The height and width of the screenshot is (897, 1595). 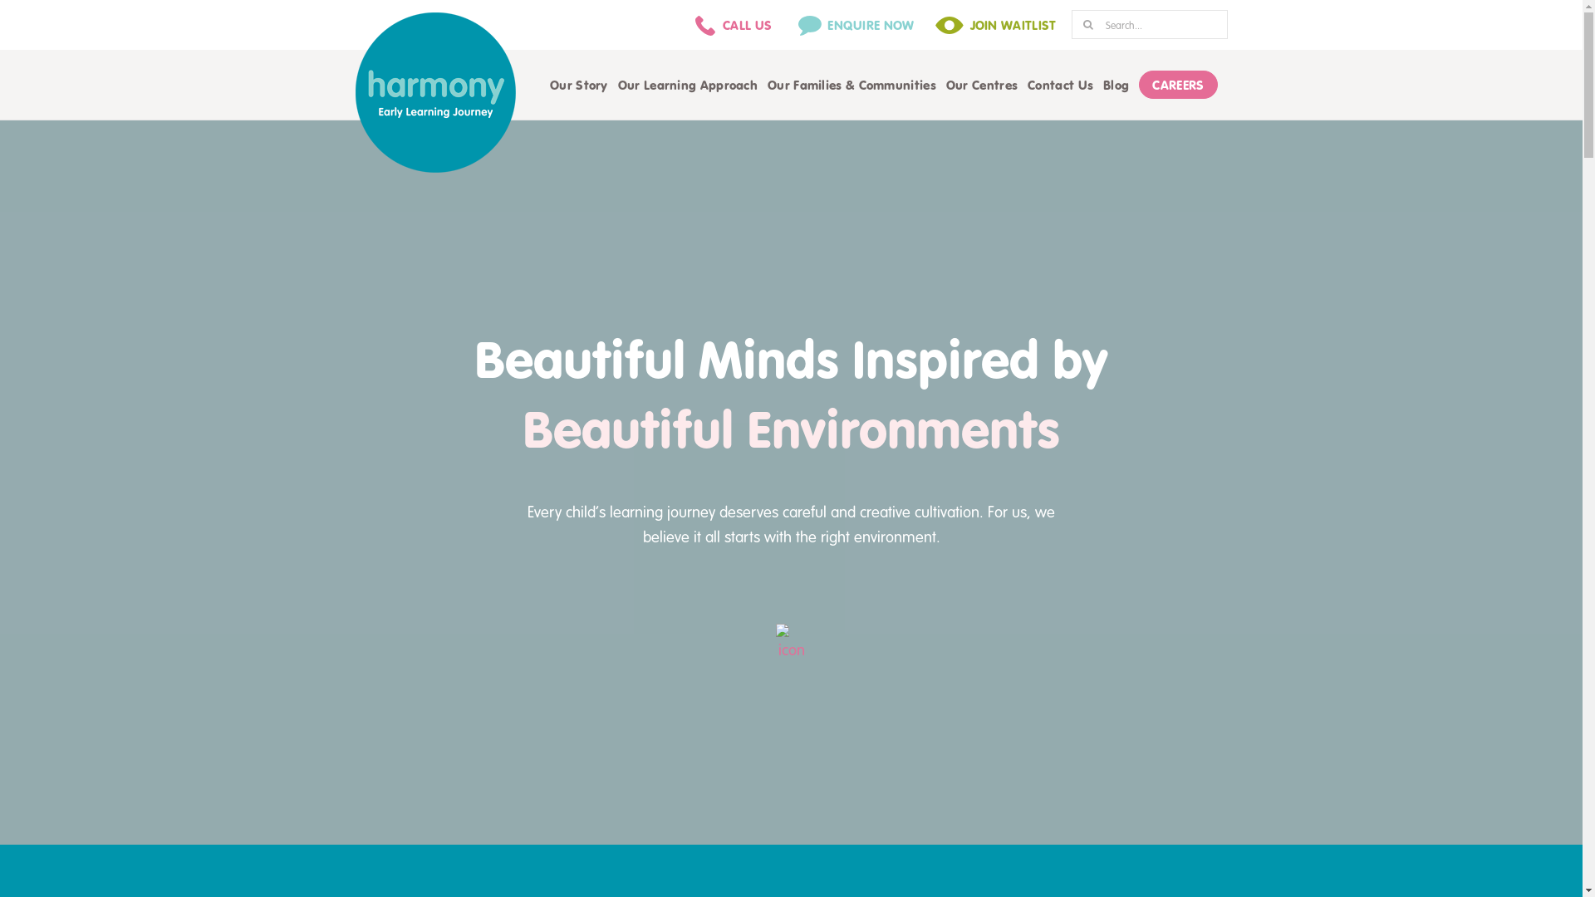 What do you see at coordinates (1059, 84) in the screenshot?
I see `'Contact Us'` at bounding box center [1059, 84].